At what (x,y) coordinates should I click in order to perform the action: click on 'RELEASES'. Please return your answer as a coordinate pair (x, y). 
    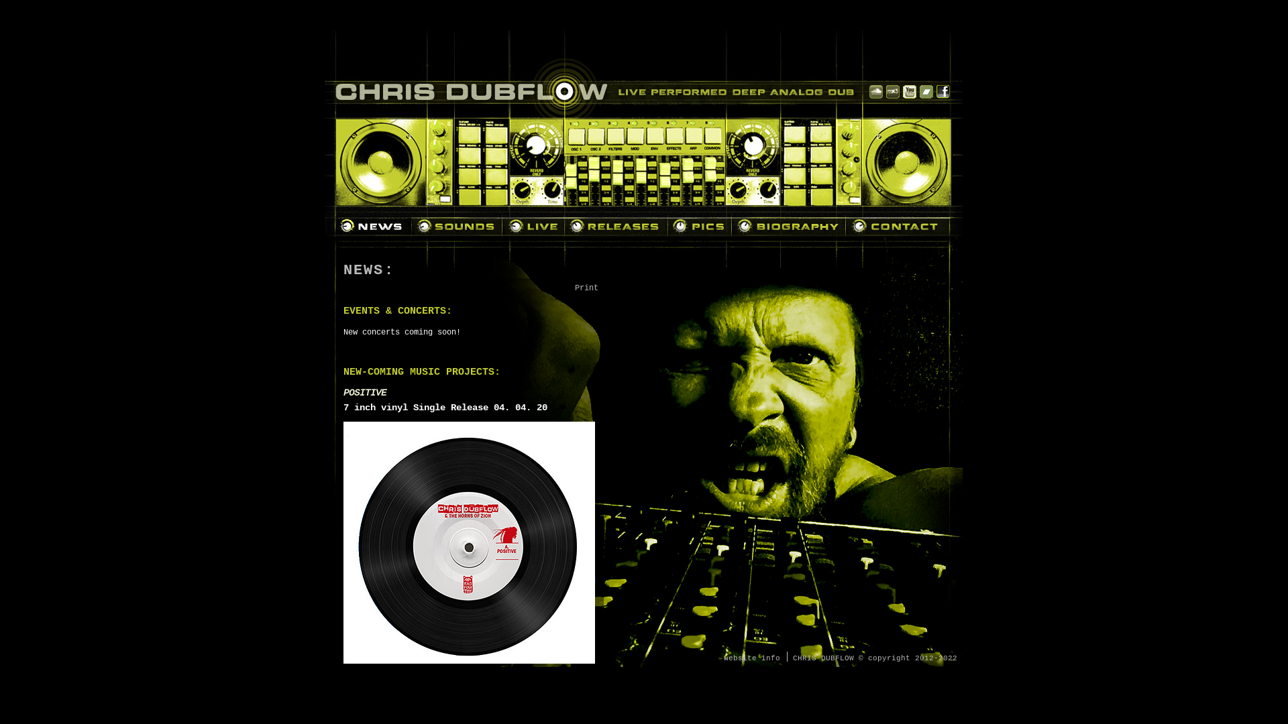
    Looking at the image, I should click on (564, 226).